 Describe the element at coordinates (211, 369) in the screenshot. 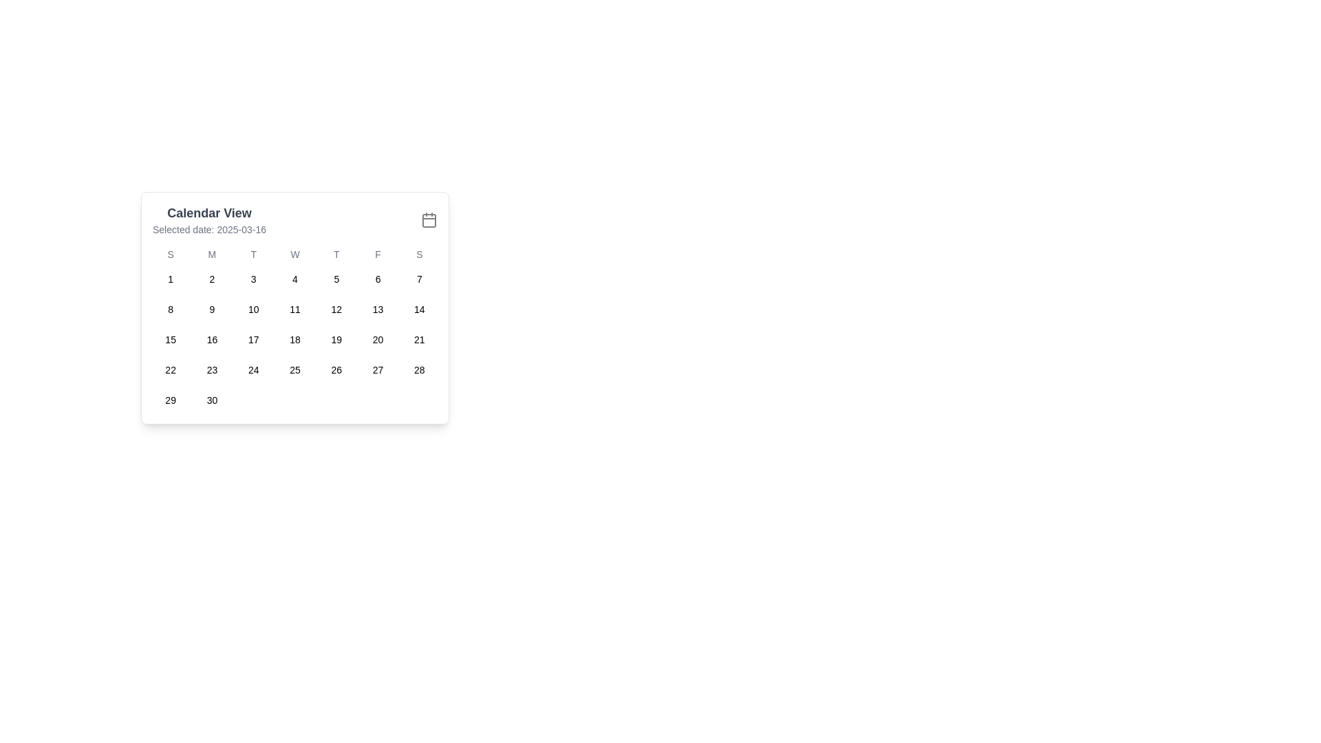

I see `the calendar day cell representing the 23rd day of the month` at that location.